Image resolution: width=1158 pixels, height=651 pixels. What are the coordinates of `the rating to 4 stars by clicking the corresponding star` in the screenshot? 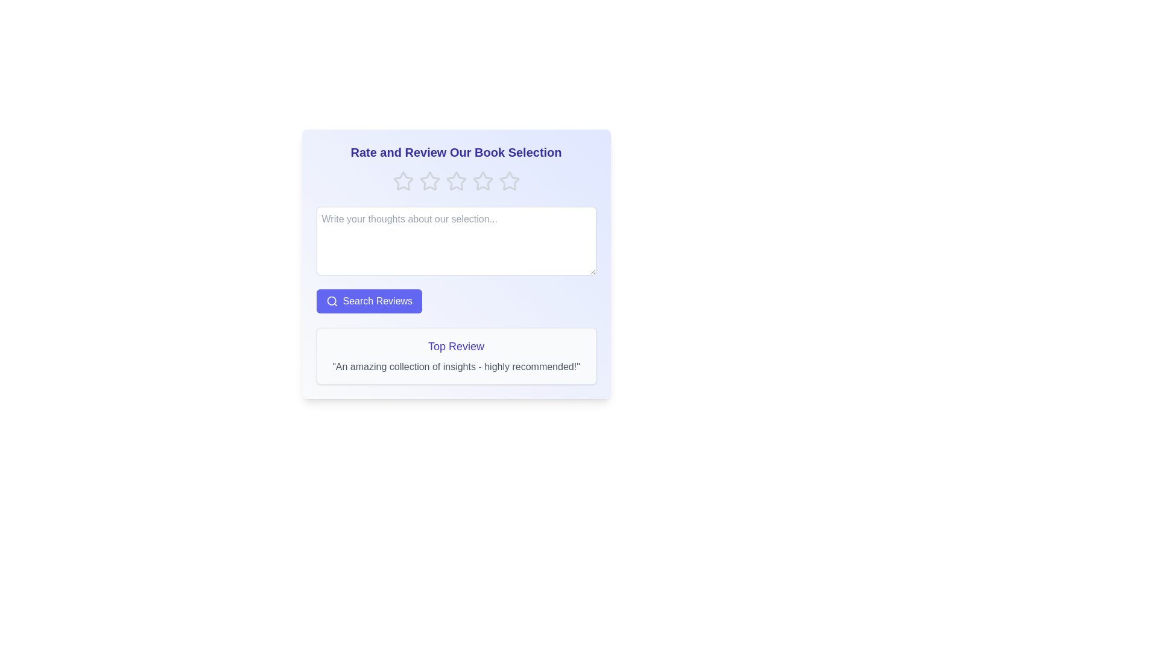 It's located at (482, 181).